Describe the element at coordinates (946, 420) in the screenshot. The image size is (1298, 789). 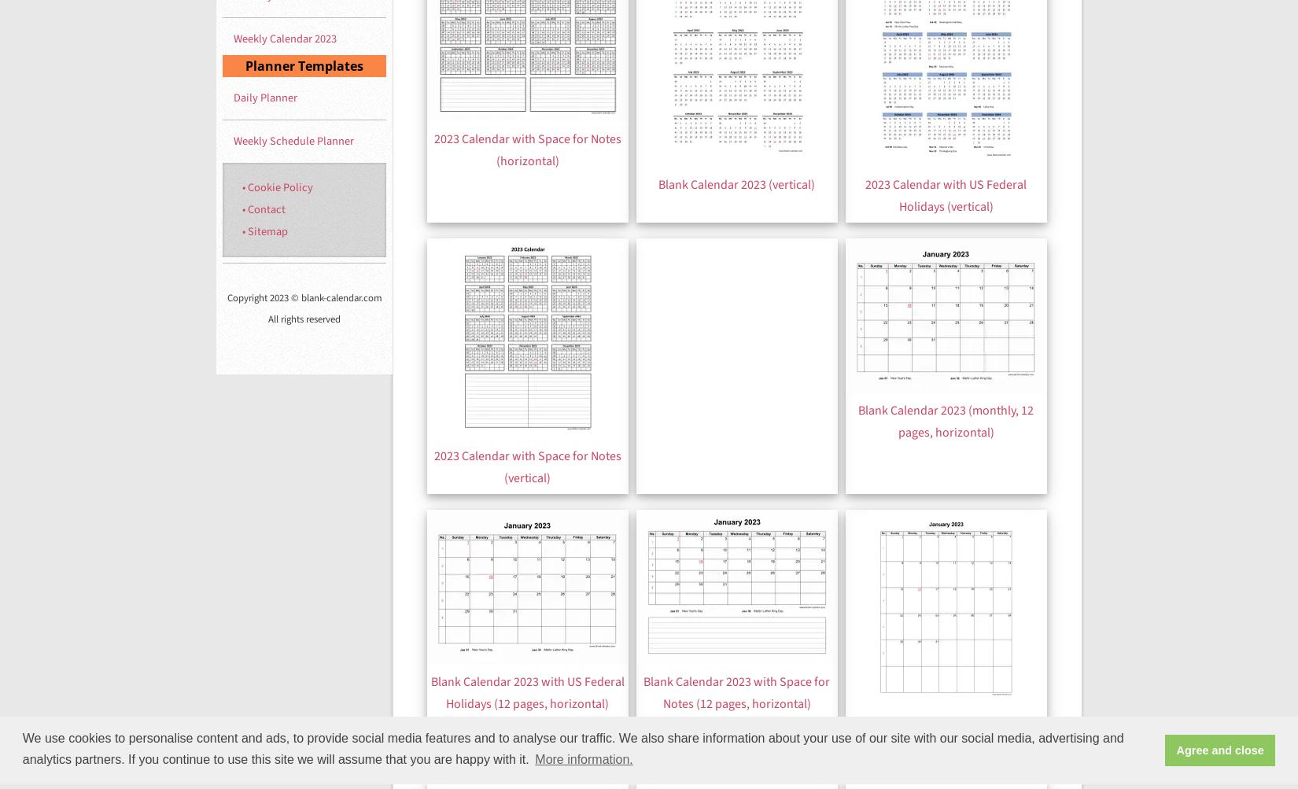
I see `'Blank Calendar 2023 (monthly, 12 pages, horizontal)'` at that location.